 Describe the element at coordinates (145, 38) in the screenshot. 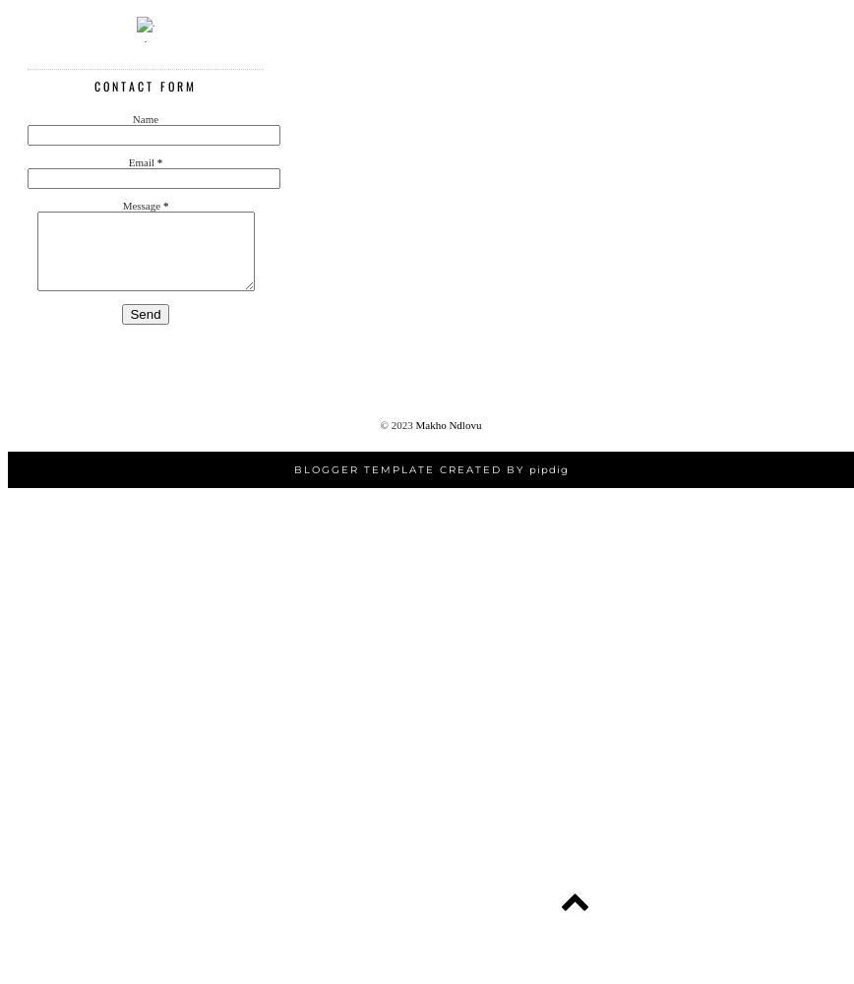

I see `'.'` at that location.